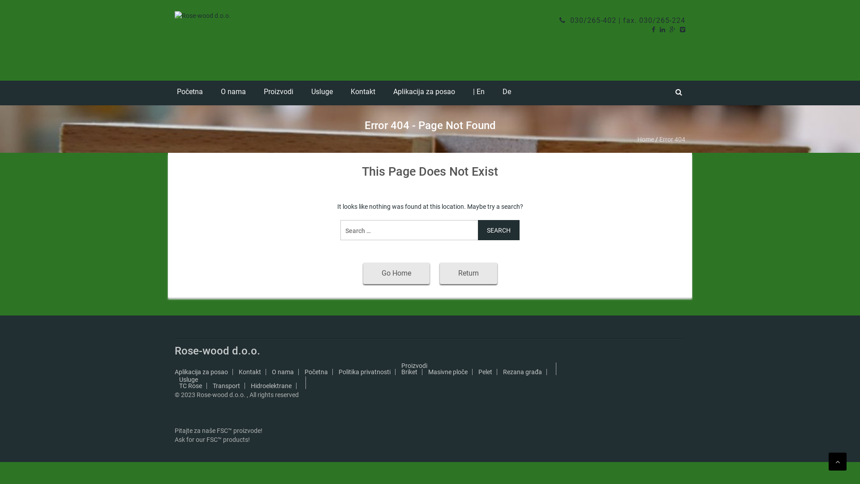 This screenshot has height=484, width=860. I want to click on 'Home', so click(645, 139).